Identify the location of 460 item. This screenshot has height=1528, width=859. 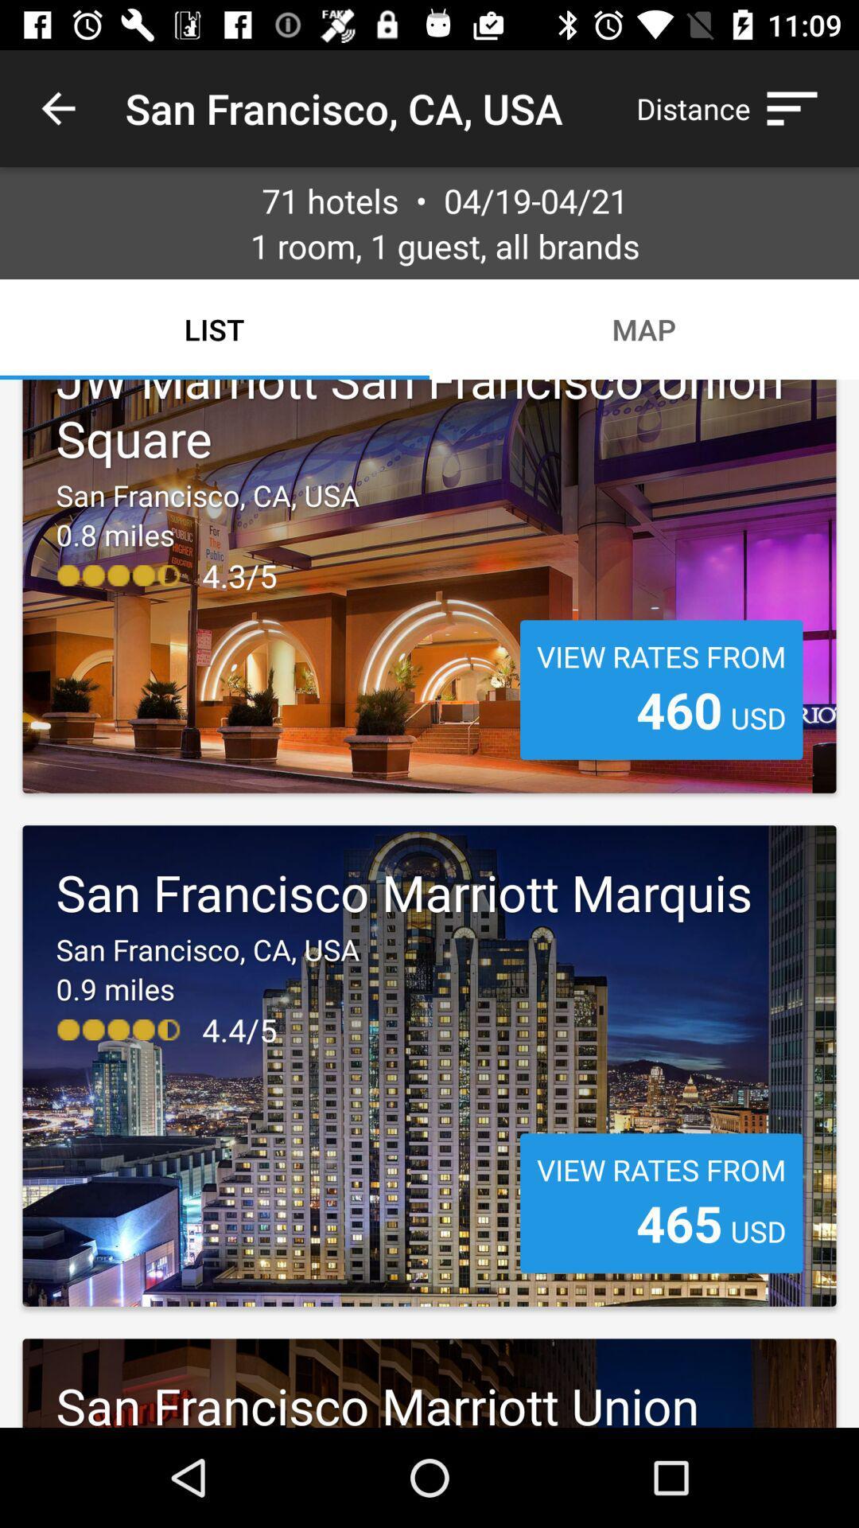
(679, 708).